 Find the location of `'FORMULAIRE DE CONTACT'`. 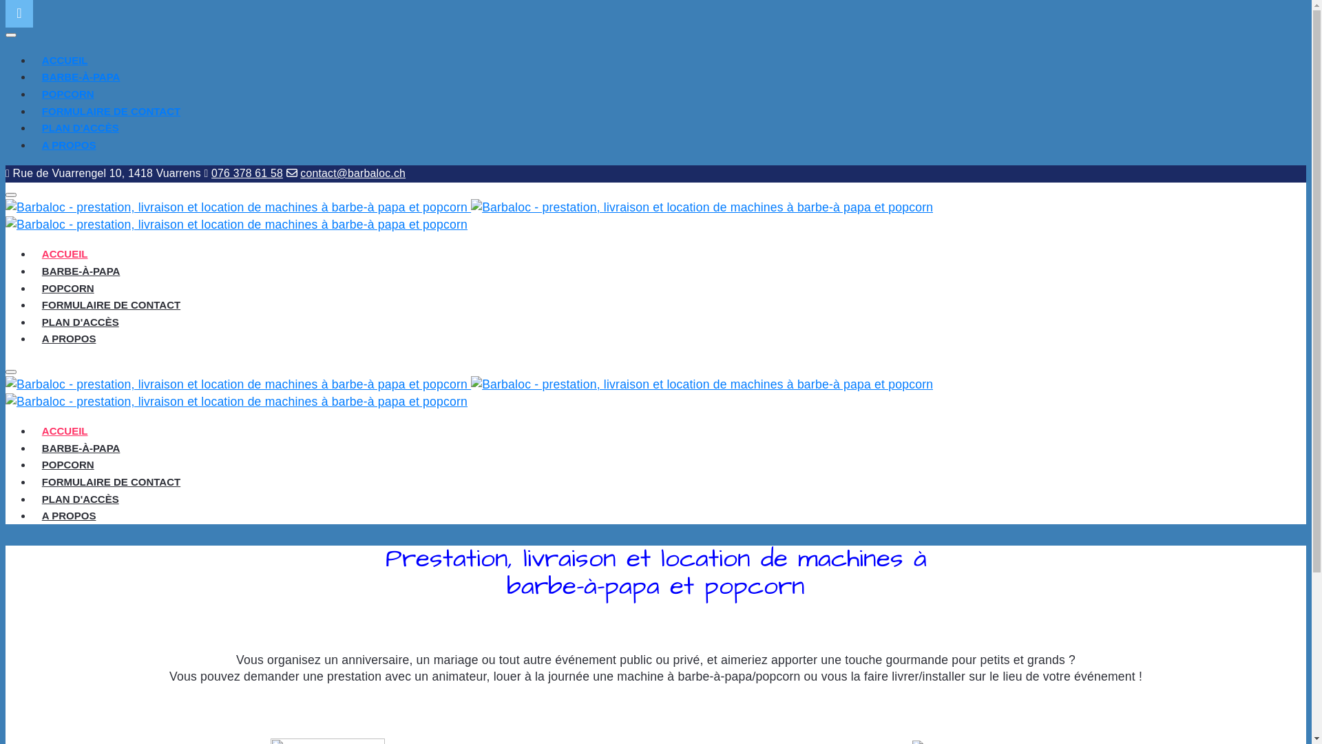

'FORMULAIRE DE CONTACT' is located at coordinates (33, 304).